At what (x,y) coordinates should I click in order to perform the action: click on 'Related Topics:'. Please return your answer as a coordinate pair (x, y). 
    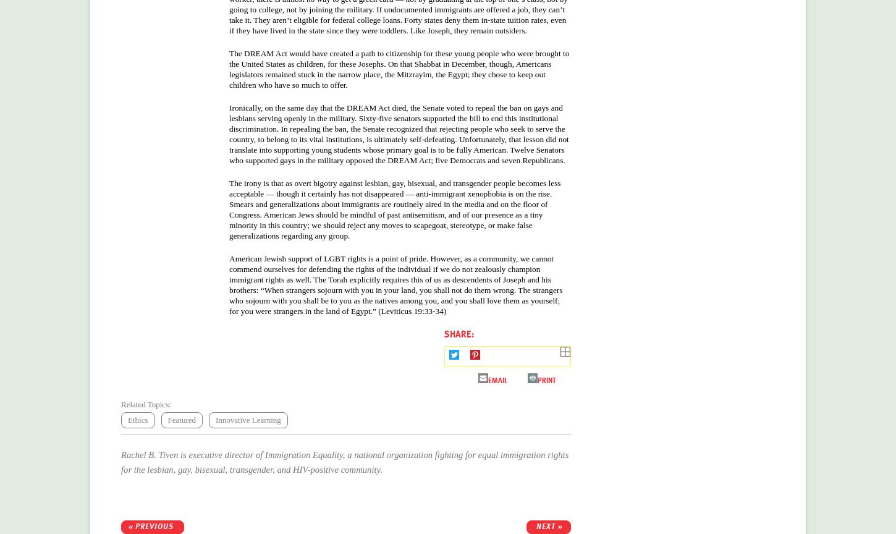
    Looking at the image, I should click on (145, 404).